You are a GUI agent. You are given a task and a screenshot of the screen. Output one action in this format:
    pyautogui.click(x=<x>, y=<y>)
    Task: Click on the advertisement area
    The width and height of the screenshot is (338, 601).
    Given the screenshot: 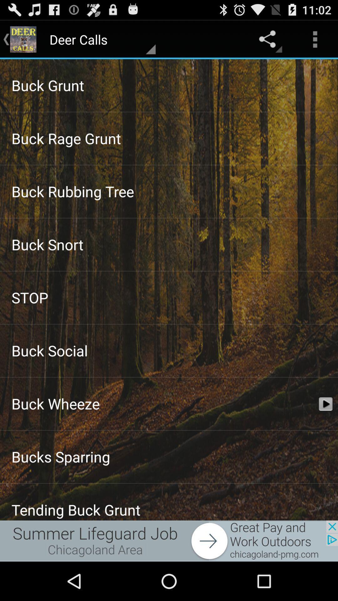 What is the action you would take?
    pyautogui.click(x=169, y=541)
    